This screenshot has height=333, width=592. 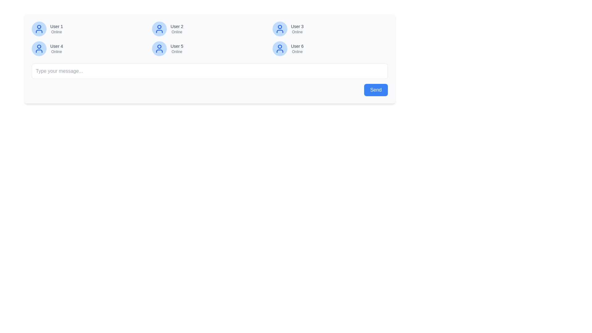 What do you see at coordinates (159, 27) in the screenshot?
I see `the circular graphic element representing the profile picture for 'User 2', located at the center of the head portion of the user icon` at bounding box center [159, 27].